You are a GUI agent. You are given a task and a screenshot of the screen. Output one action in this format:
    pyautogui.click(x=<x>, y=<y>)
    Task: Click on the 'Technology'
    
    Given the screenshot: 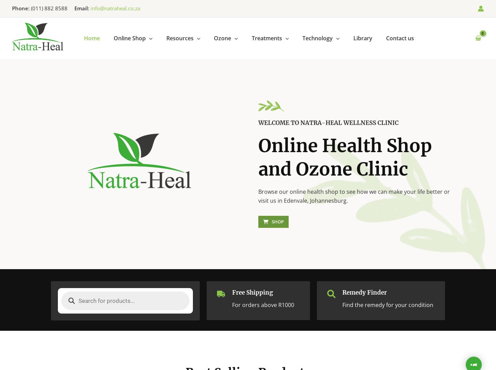 What is the action you would take?
    pyautogui.click(x=318, y=38)
    